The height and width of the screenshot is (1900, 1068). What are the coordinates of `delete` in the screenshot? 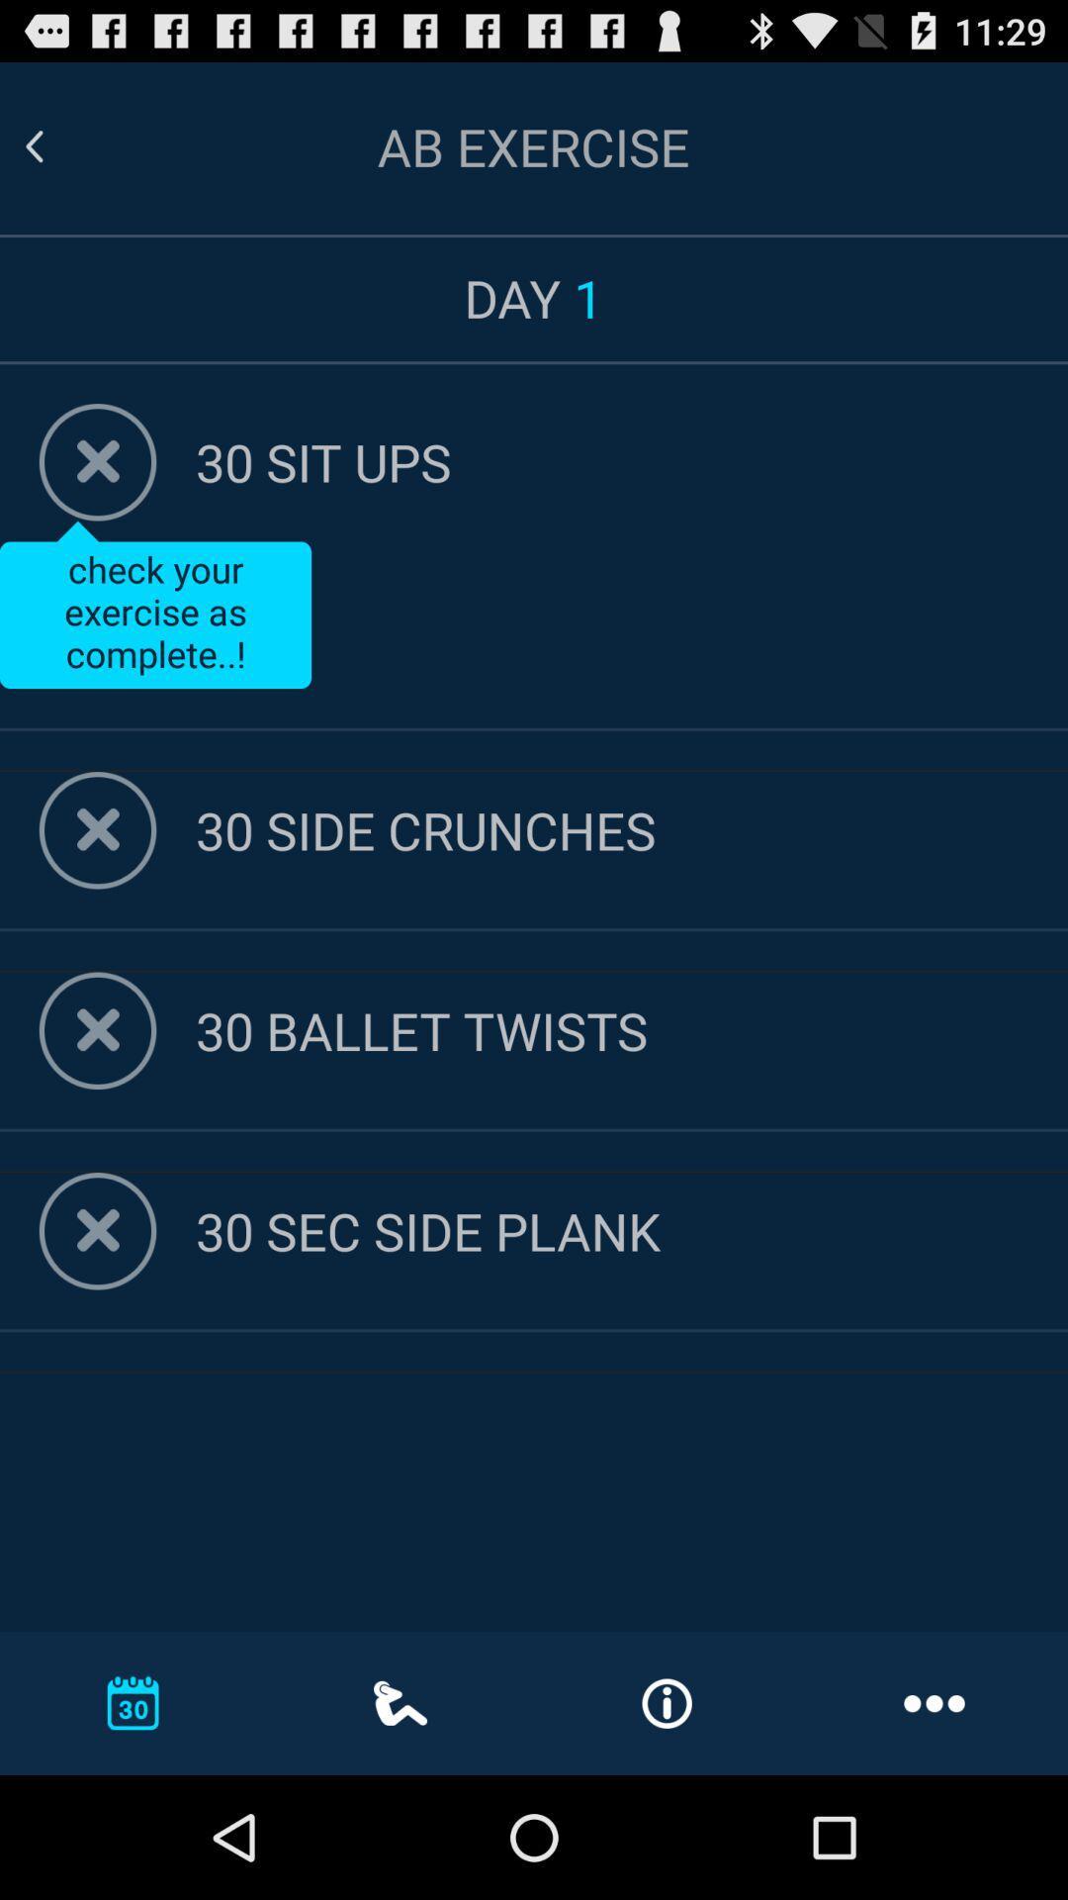 It's located at (98, 1029).